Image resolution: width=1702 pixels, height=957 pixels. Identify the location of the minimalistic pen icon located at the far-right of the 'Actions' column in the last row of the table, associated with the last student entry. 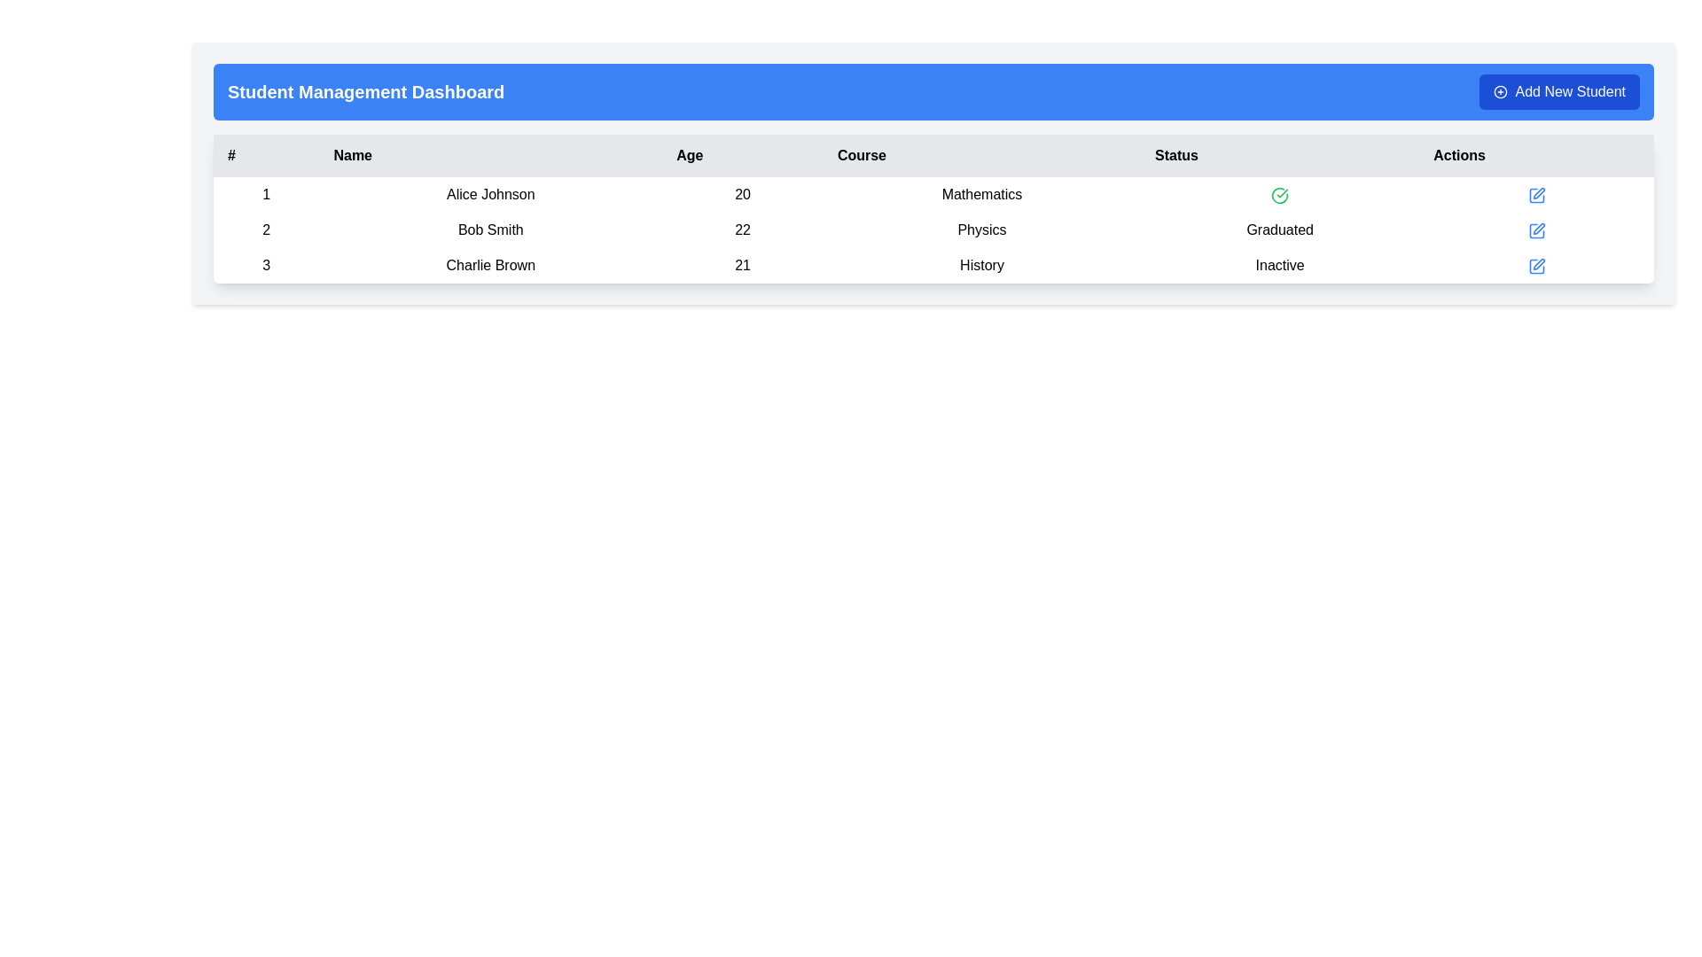
(1538, 264).